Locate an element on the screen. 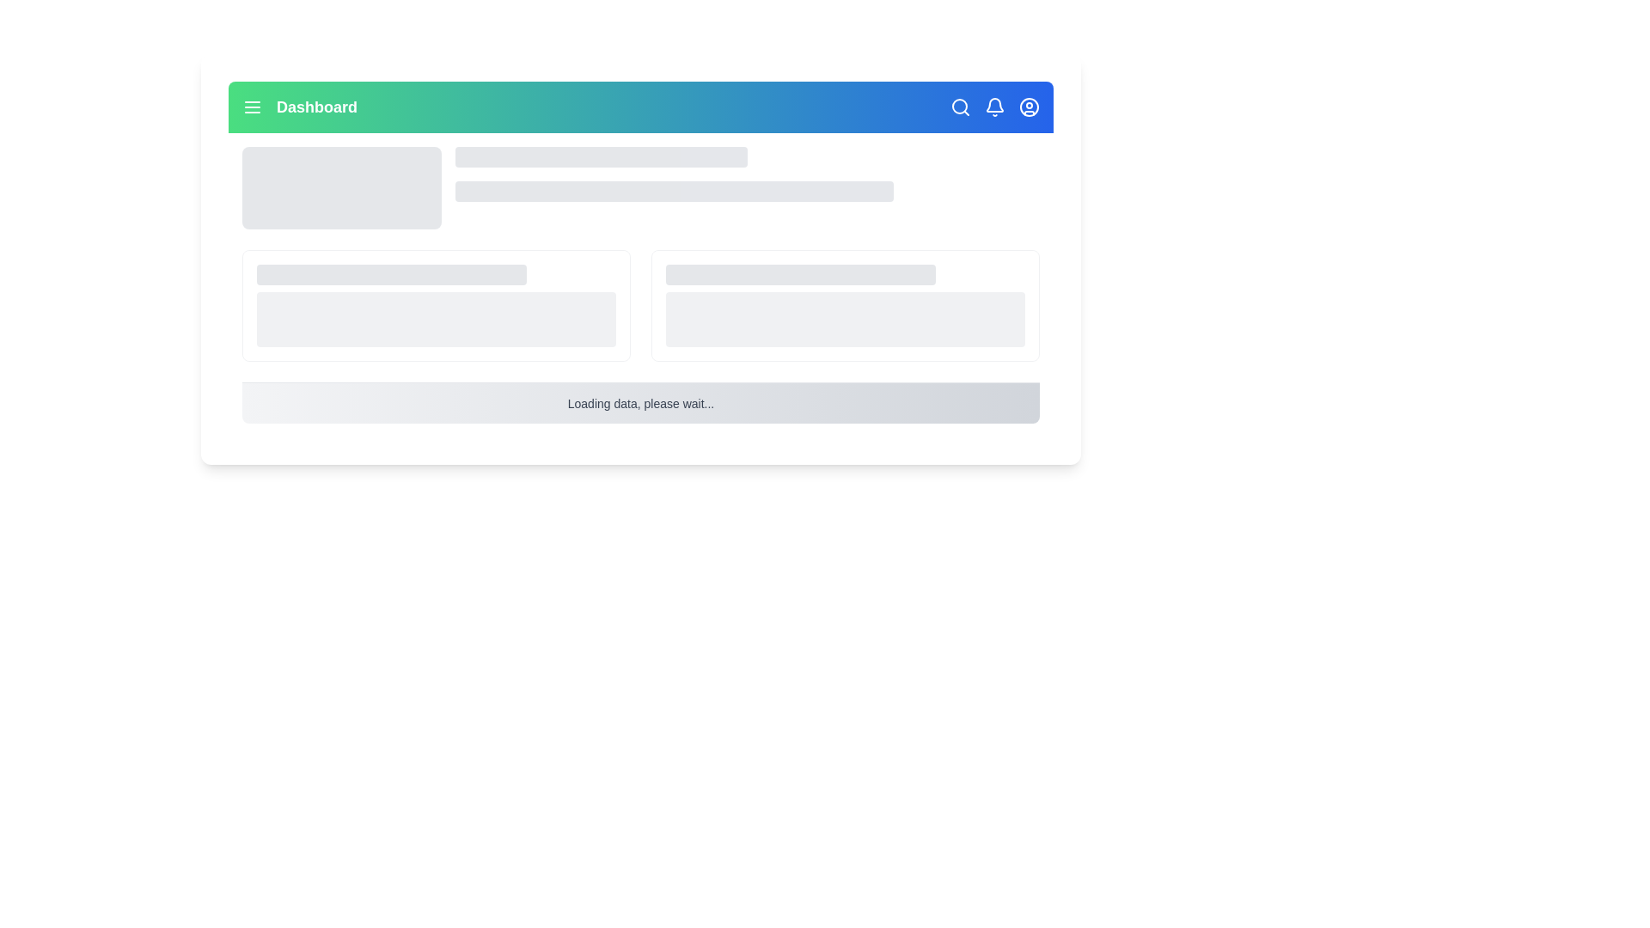 This screenshot has height=928, width=1650. the circle element representing the user profile icon located in the top-right corner of the header, next to the notification bell icon is located at coordinates (1030, 107).